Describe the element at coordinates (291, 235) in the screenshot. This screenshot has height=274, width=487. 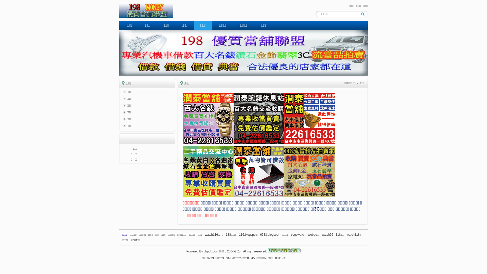
I see `'sogowatch'` at that location.